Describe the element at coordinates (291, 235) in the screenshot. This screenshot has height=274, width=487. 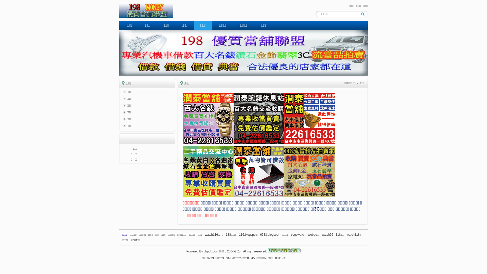
I see `'sogowatch'` at that location.